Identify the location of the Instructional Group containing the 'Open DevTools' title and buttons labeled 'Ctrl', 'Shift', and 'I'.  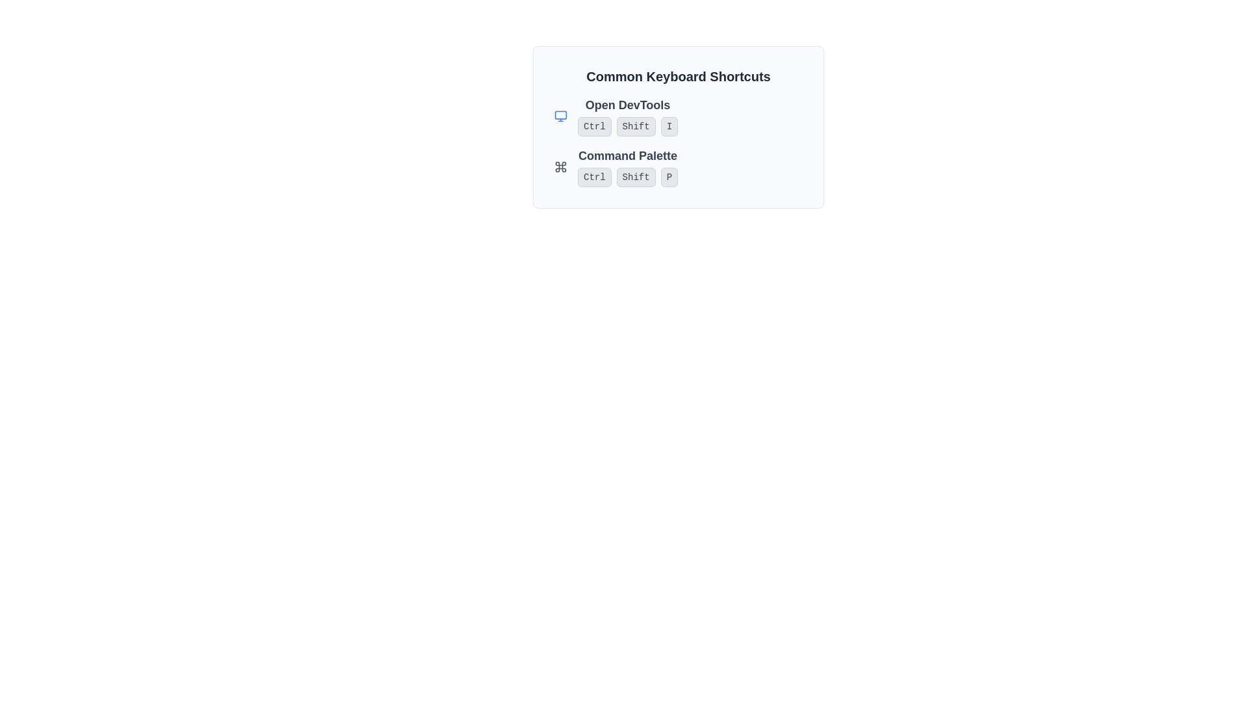
(677, 115).